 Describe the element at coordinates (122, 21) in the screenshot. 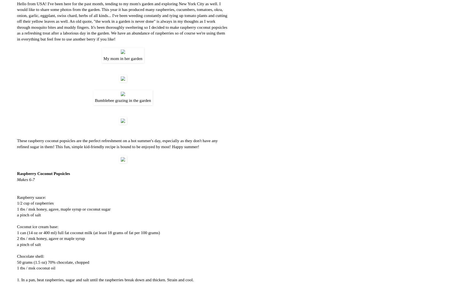

I see `'Hello from USA! I've been here for the past month, tending to my mom's garden and exploring New York City as well. I would like to share some photos from the garden. This year it has produced many raspberries, cucumbers, tomatoes, okra, onion, garlic, eggplant, swiss chard, herbs of all kinds... I've been weeding constantly and tying up tomato plants and cutting off their yellow leaves as well. An old quote, "the work in a garden is never done" is always in my thoughts as I work through mosquito bites and muddy fingers. It's been thoroughly sweltering so I decided to make raspberry coconut popsicles as a refreshing treat after a laborious day in the garden. We have an abundance of raspberries so of course we're using them in everything but feel free to use another berry if you like!'` at that location.